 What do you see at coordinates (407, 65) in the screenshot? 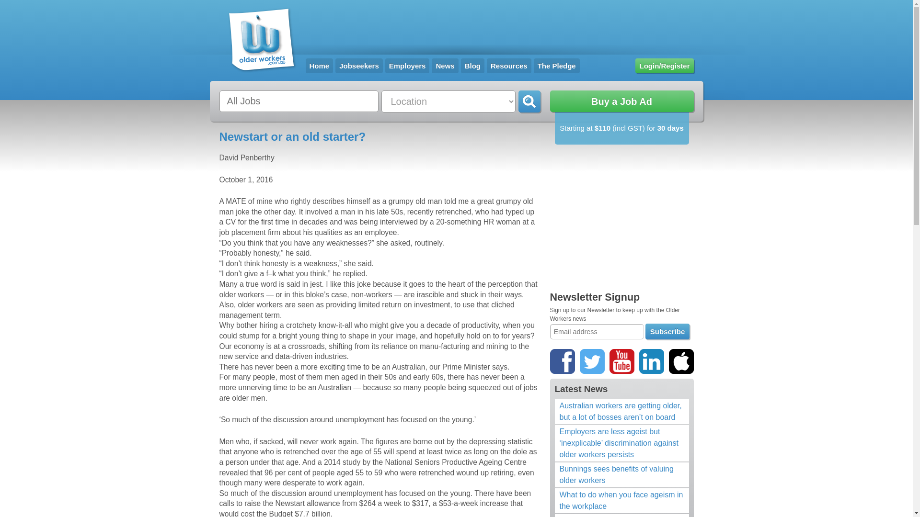
I see `'Employers'` at bounding box center [407, 65].